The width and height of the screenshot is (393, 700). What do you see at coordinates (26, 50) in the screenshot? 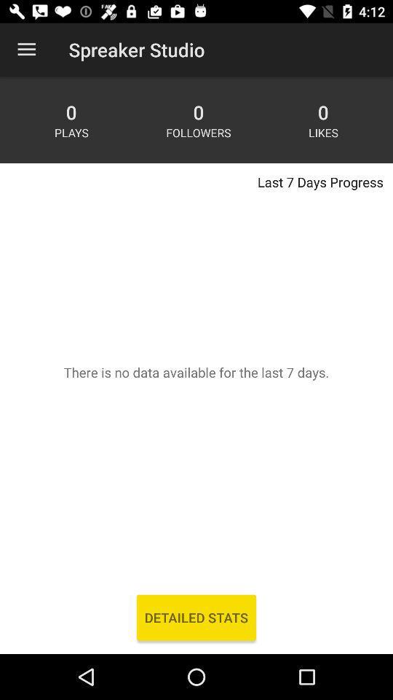
I see `app next to the spreaker studio app` at bounding box center [26, 50].